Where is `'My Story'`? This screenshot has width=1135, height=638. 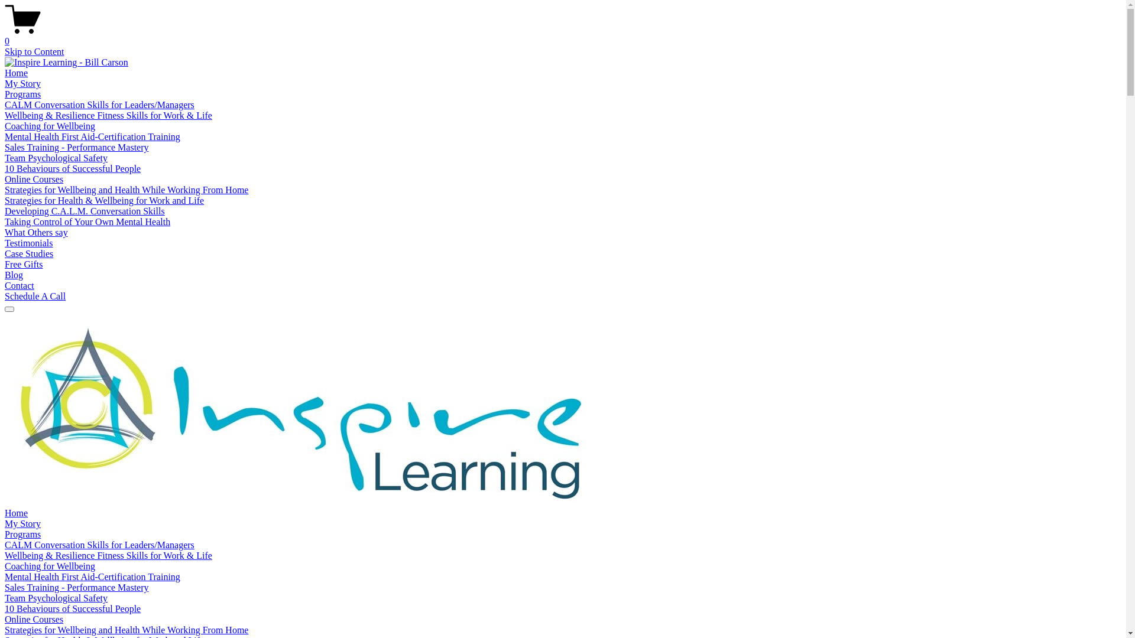
'My Story' is located at coordinates (22, 523).